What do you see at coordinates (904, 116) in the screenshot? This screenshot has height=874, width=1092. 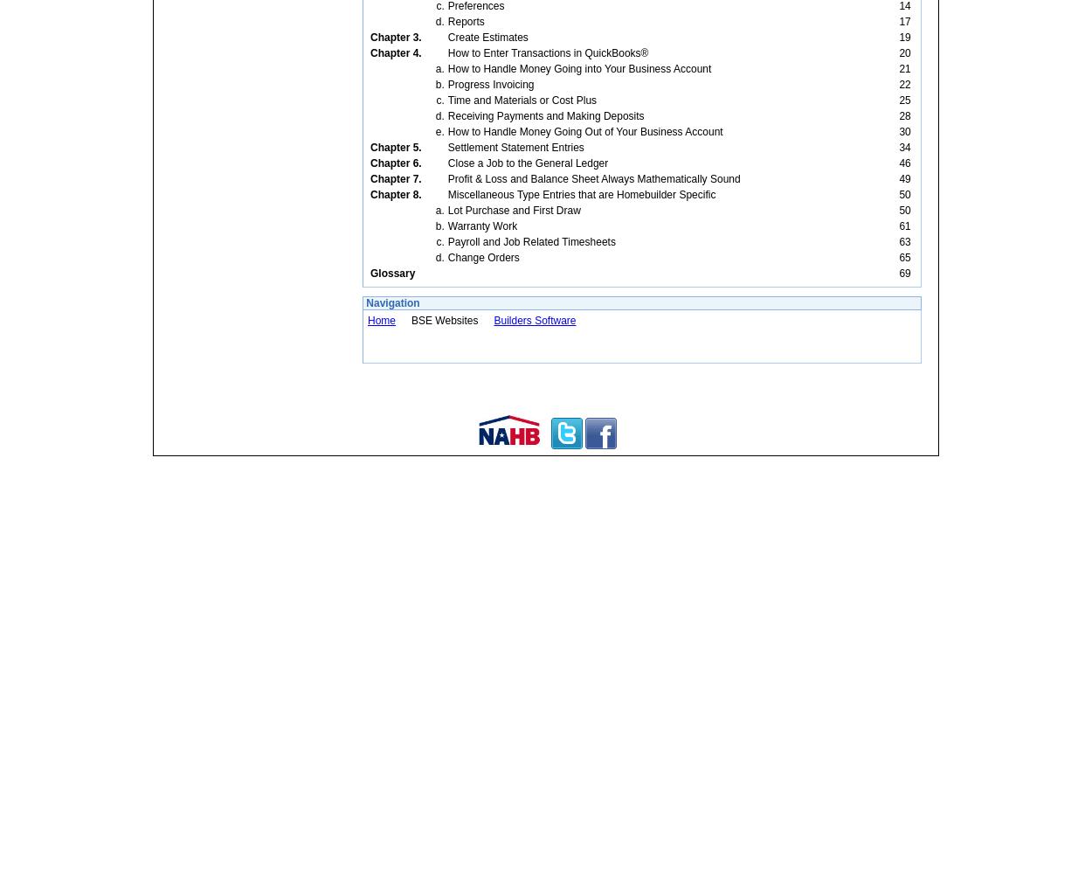 I see `'28'` at bounding box center [904, 116].